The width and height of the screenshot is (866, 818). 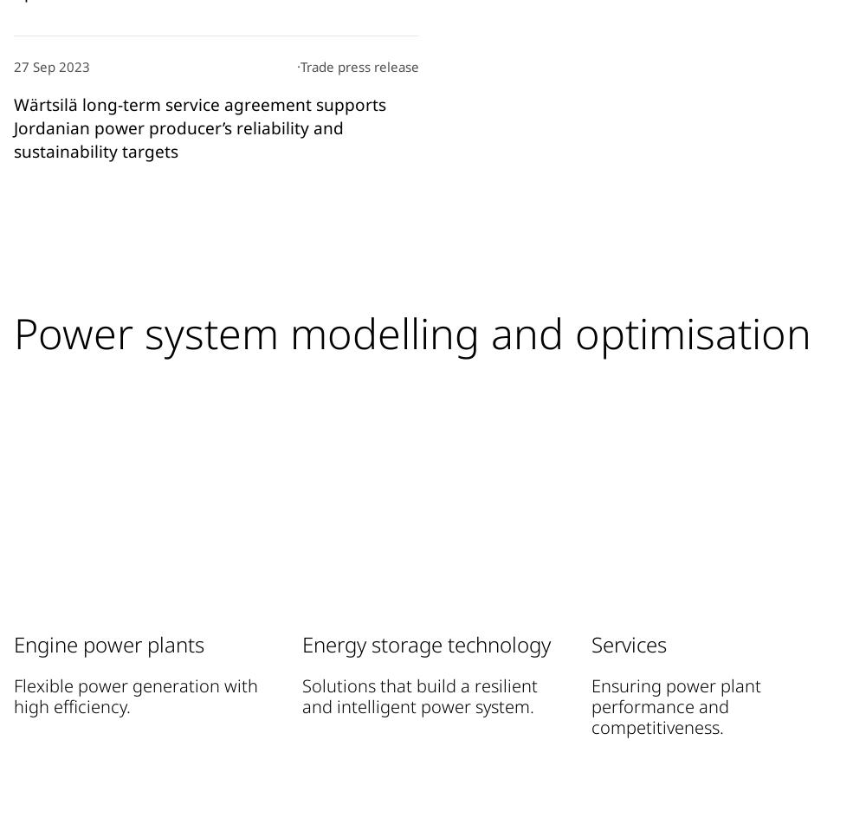 What do you see at coordinates (419, 694) in the screenshot?
I see `'Solutions that build a resilient and intelligent power system.'` at bounding box center [419, 694].